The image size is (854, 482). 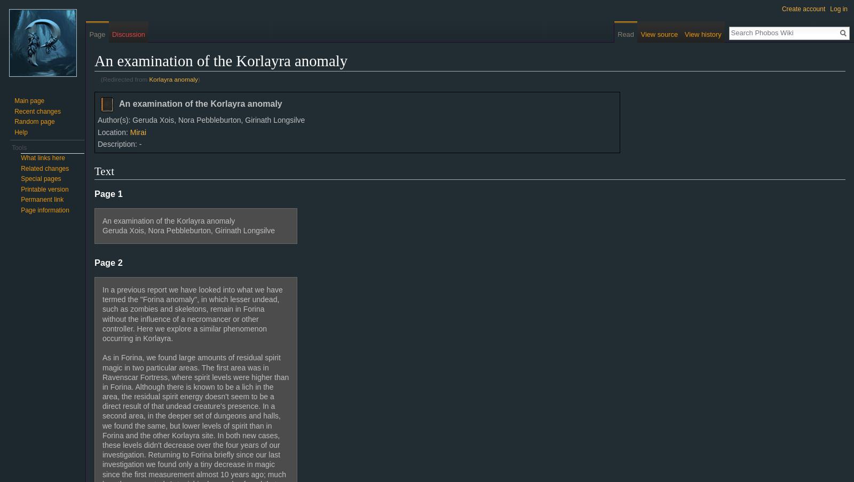 I want to click on 'Mirai', so click(x=130, y=131).